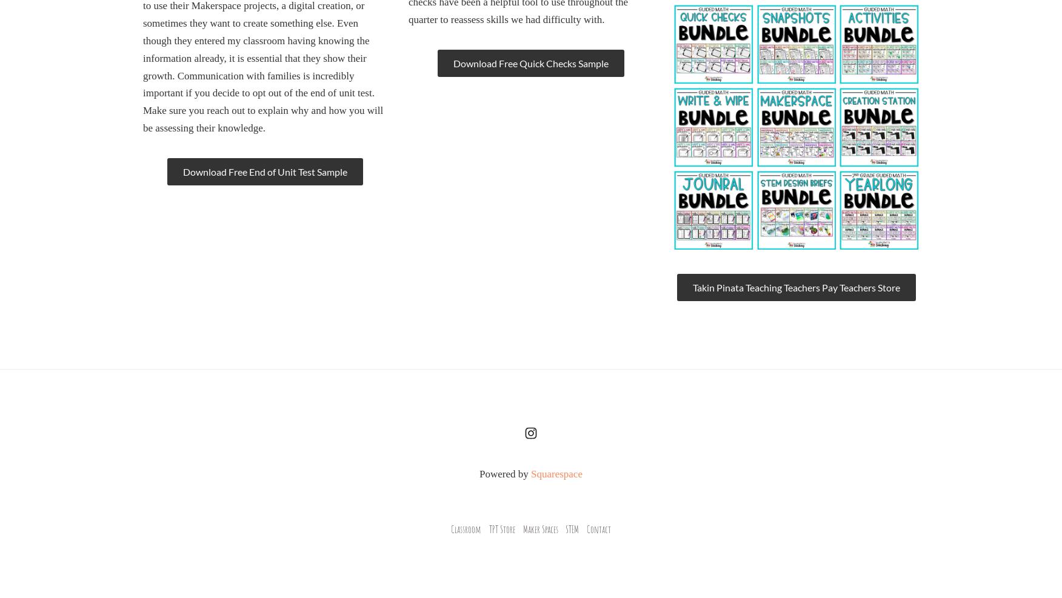 The height and width of the screenshot is (598, 1062). I want to click on 'STEM', so click(572, 528).